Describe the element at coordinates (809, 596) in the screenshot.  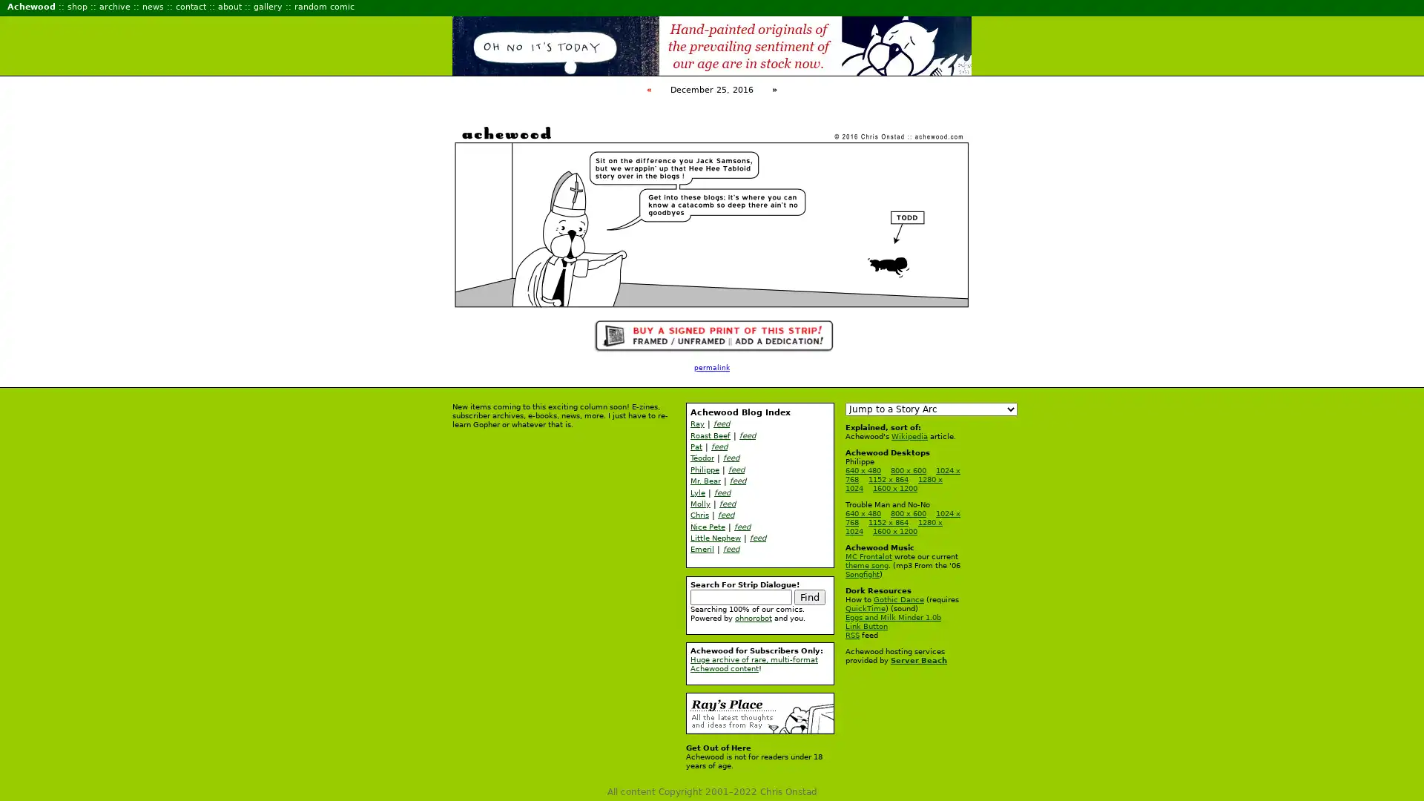
I see `Find` at that location.